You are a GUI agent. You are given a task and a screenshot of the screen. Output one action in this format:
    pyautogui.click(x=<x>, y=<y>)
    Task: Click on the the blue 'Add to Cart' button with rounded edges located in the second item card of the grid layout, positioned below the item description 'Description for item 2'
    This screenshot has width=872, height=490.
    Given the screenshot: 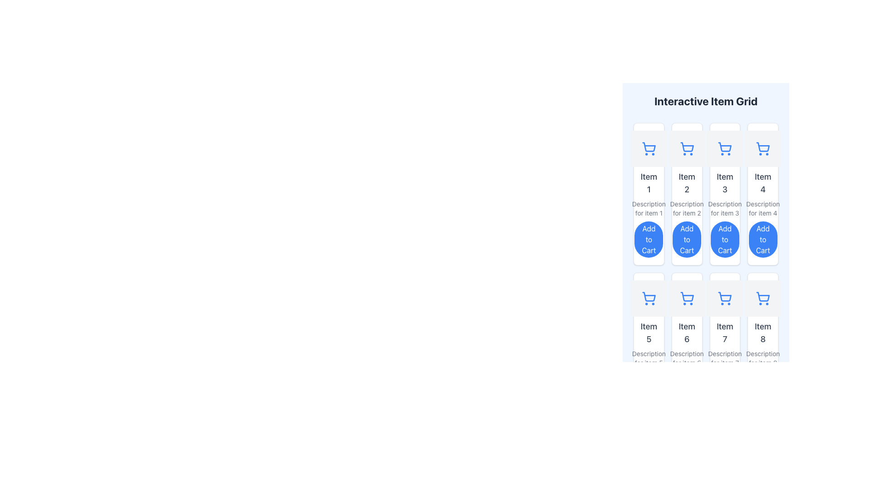 What is the action you would take?
    pyautogui.click(x=687, y=239)
    